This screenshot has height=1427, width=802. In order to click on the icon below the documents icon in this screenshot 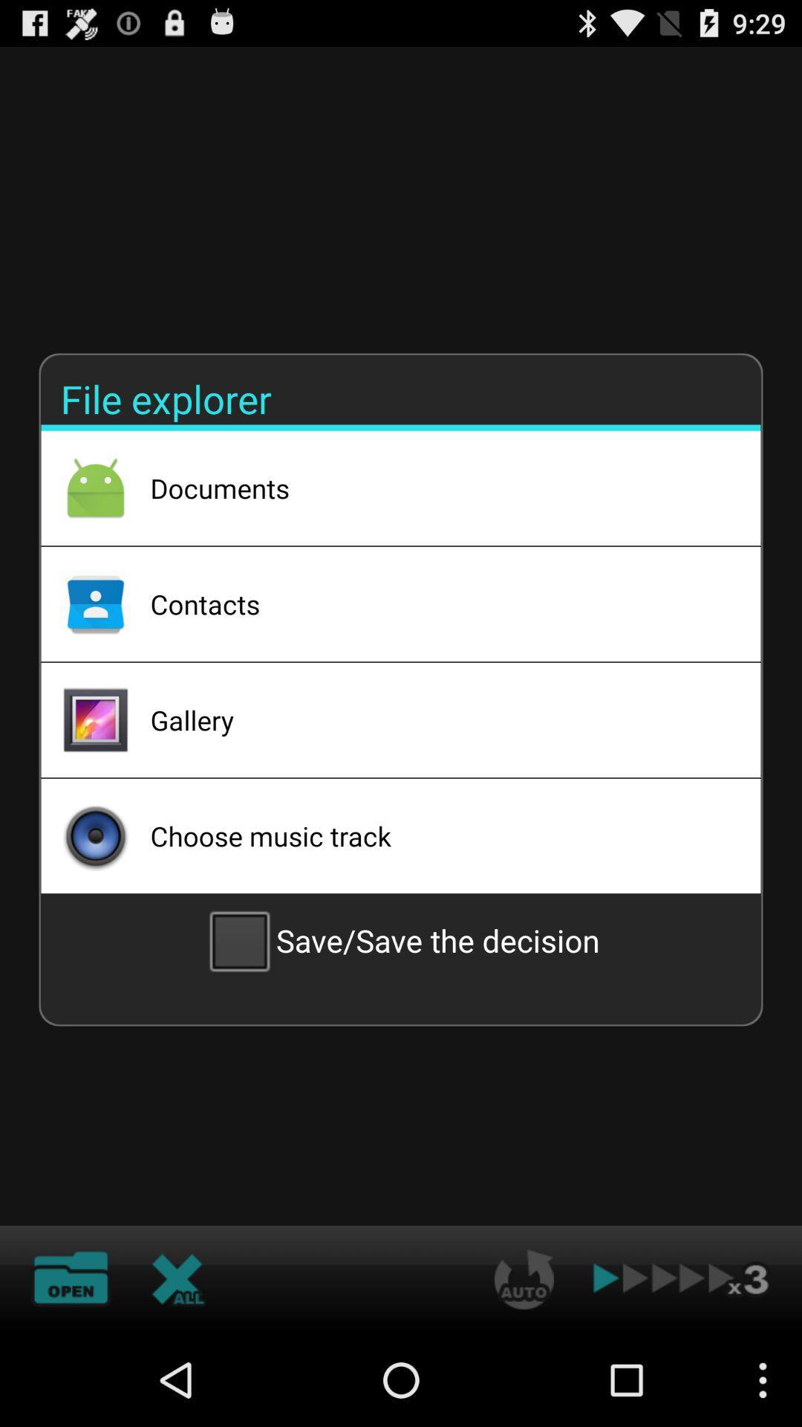, I will do `click(435, 604)`.